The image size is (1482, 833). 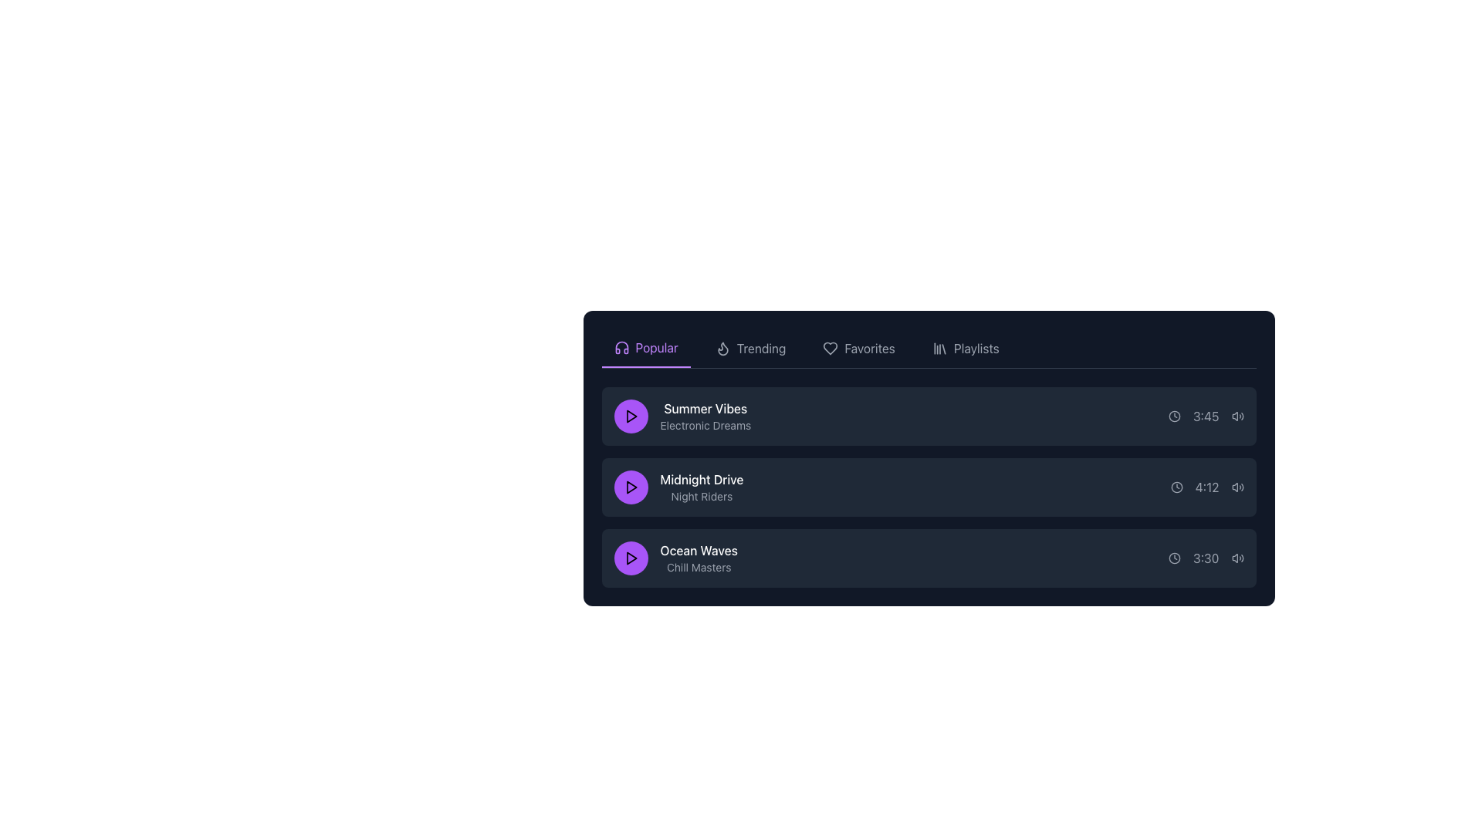 I want to click on the 'Trending' icon located in the top navigation bar between the 'Trending' tab and the 'Popular' tab for context, so click(x=722, y=349).